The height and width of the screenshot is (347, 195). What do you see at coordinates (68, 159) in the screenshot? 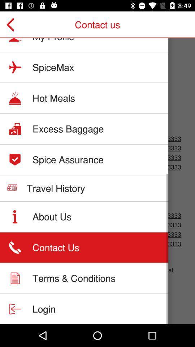
I see `the spice assurance item` at bounding box center [68, 159].